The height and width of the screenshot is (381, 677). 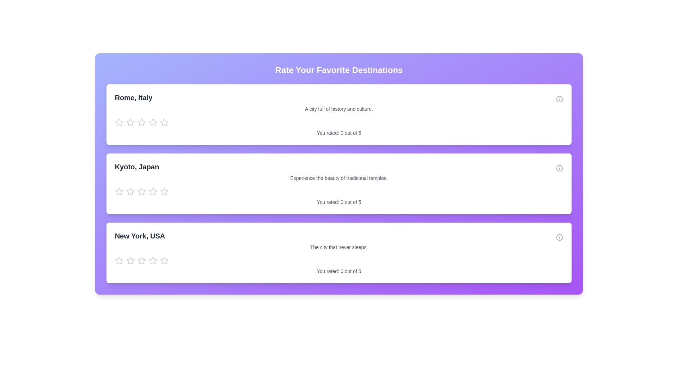 What do you see at coordinates (339, 271) in the screenshot?
I see `the text element that displays the current rating provided for the associated item, located at the bottom of the white card labeled 'New York, USA'` at bounding box center [339, 271].